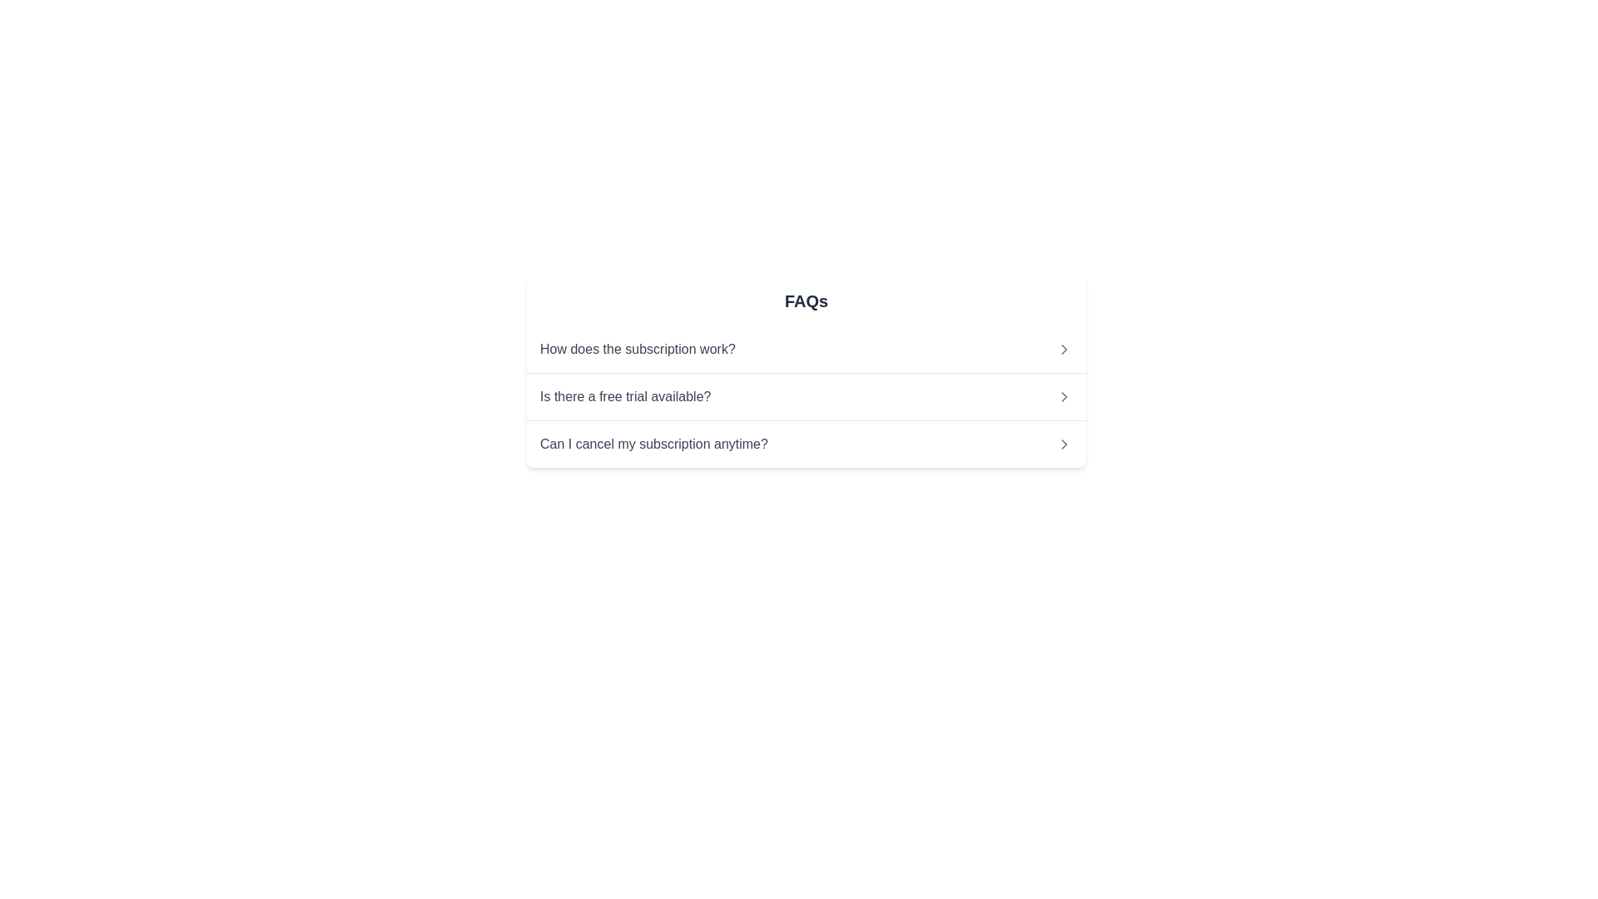 The height and width of the screenshot is (899, 1598). Describe the element at coordinates (1063, 397) in the screenshot. I see `the rightward-pointing chevron-shaped arrow icon that is positioned immediately after the question 'Is there a free trial available?' in the second row of the list` at that location.